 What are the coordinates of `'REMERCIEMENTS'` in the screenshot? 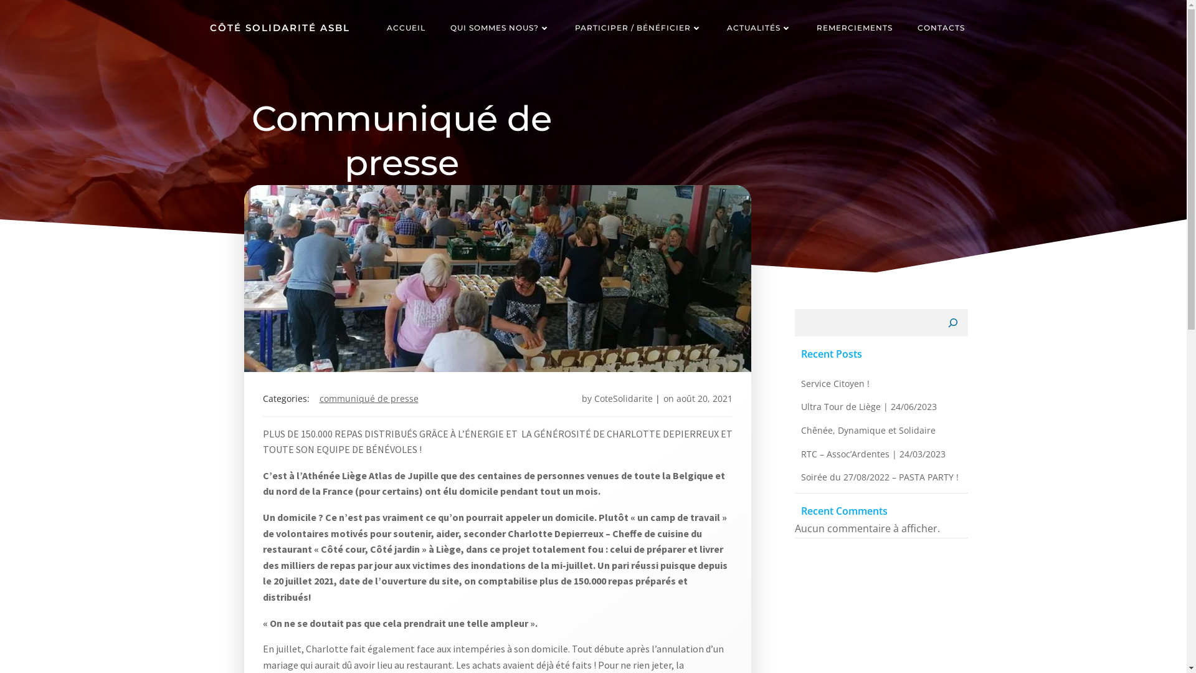 It's located at (853, 28).